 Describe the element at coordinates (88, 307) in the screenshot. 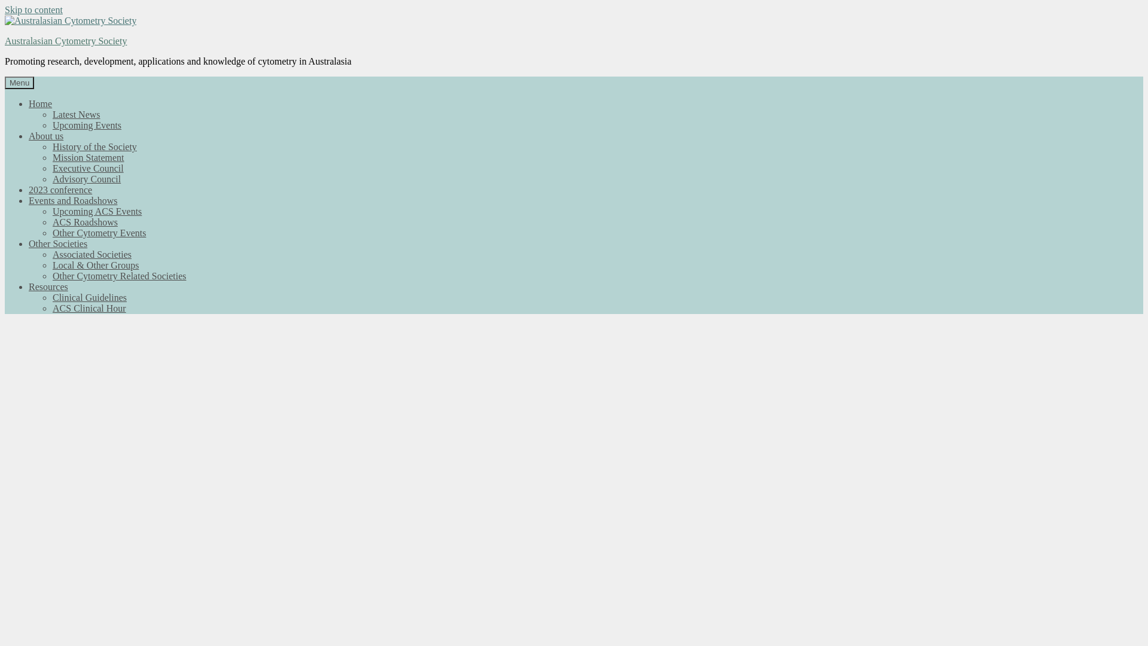

I see `'ACS Clinical Hour'` at that location.